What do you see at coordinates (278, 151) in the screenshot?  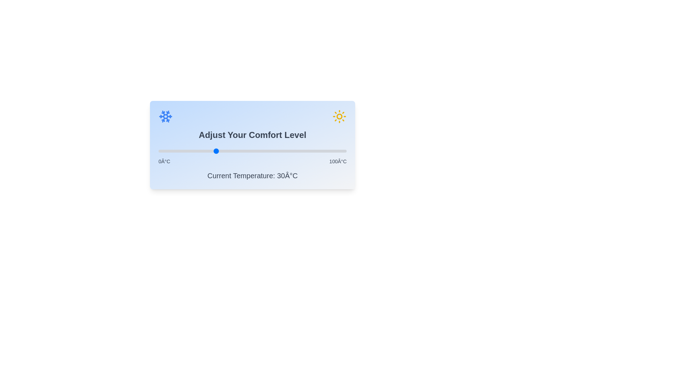 I see `the temperature slider to 64°C` at bounding box center [278, 151].